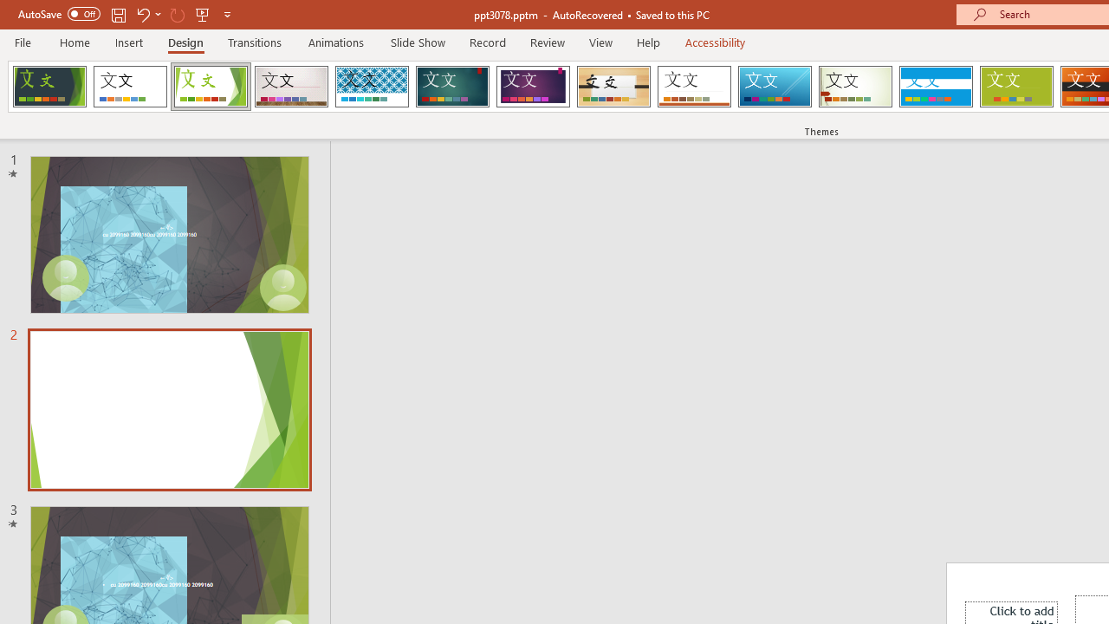 The width and height of the screenshot is (1109, 624). What do you see at coordinates (532, 87) in the screenshot?
I see `'Ion Boardroom'` at bounding box center [532, 87].